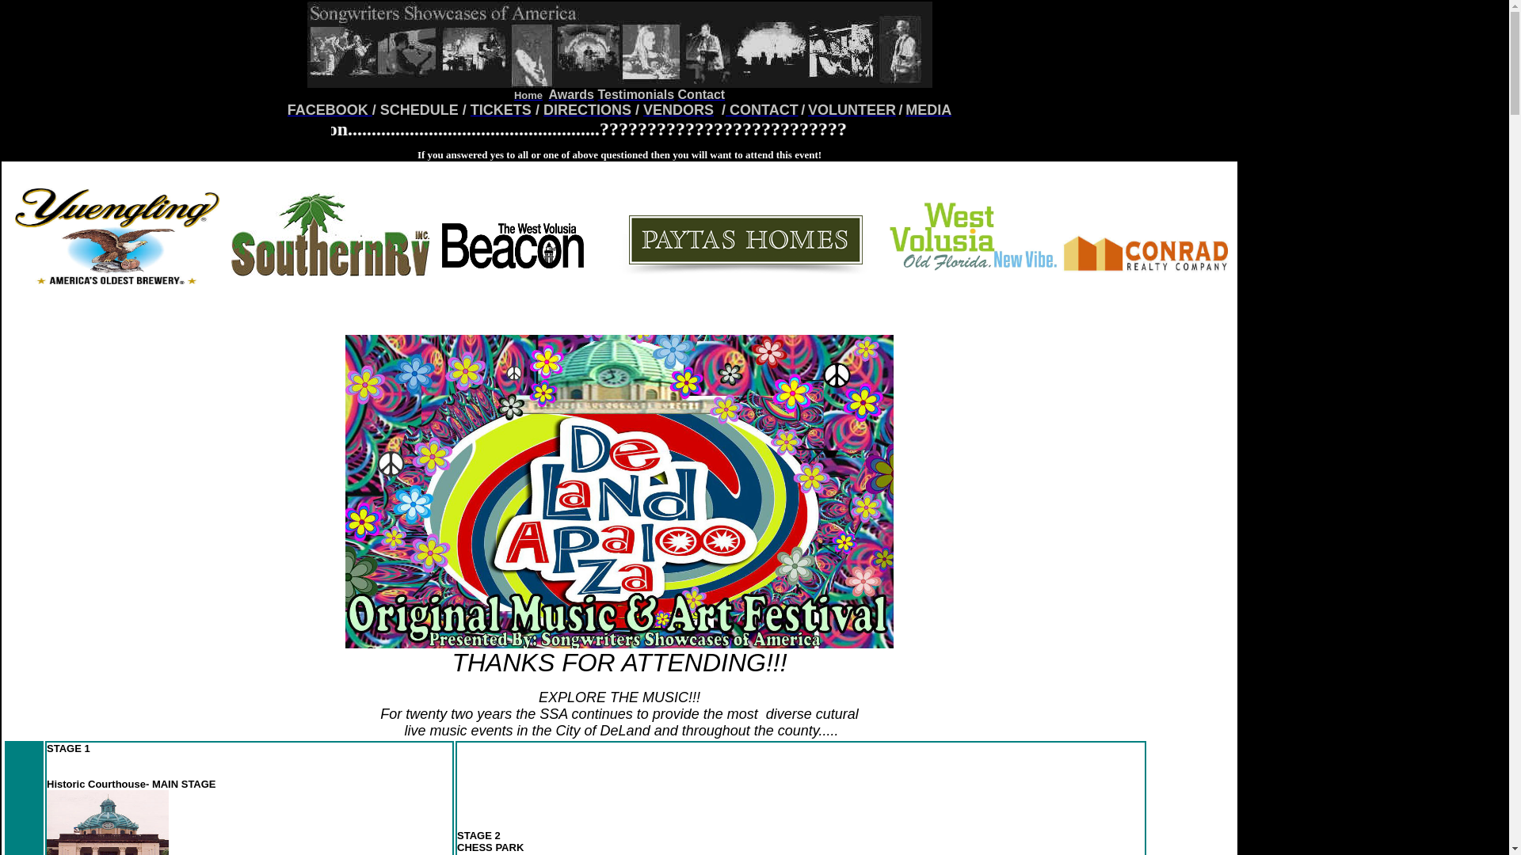 The width and height of the screenshot is (1521, 855). I want to click on 'Testimonials', so click(635, 94).